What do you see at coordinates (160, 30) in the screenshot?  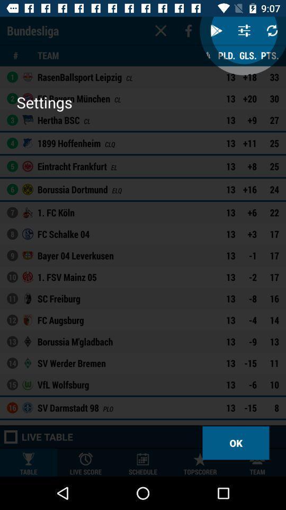 I see `the close icon` at bounding box center [160, 30].